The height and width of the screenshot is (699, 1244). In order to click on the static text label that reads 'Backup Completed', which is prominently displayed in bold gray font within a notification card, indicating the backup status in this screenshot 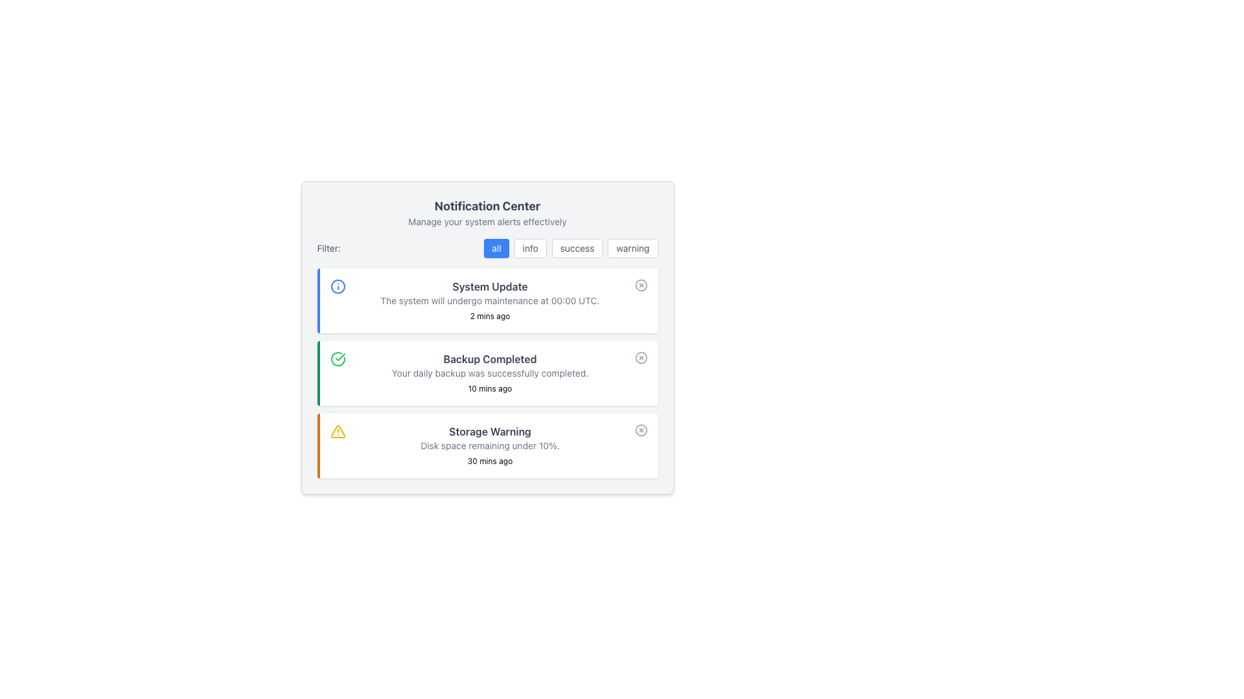, I will do `click(489, 359)`.